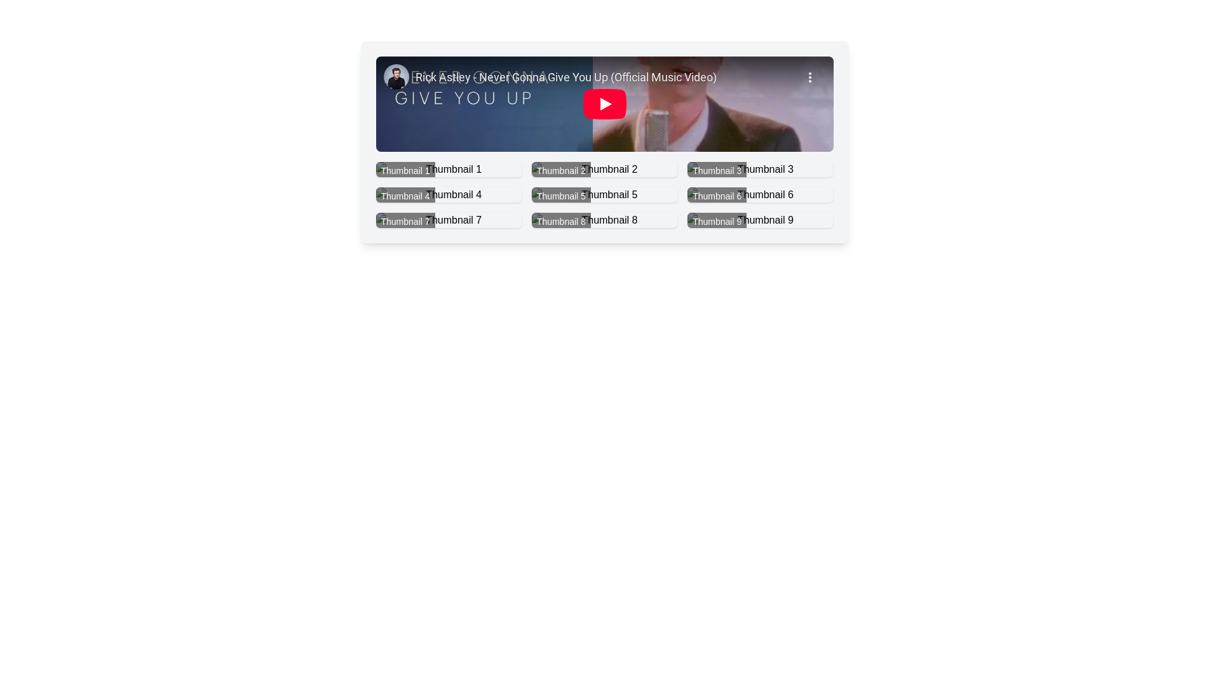  I want to click on the 'Thumbnail 1' image thumbnail located in the top-left corner of the grid, so click(449, 168).